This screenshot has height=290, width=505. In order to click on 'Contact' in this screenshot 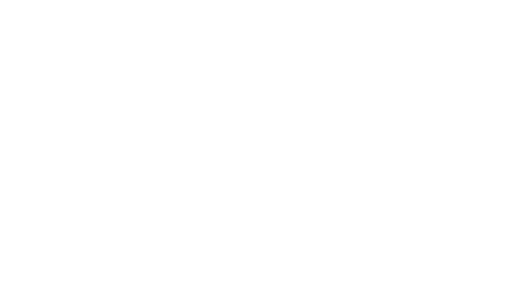, I will do `click(383, 182)`.